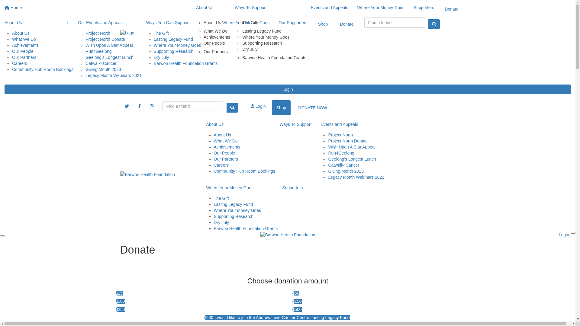 This screenshot has height=326, width=580. Describe the element at coordinates (23, 51) in the screenshot. I see `'Our People'` at that location.